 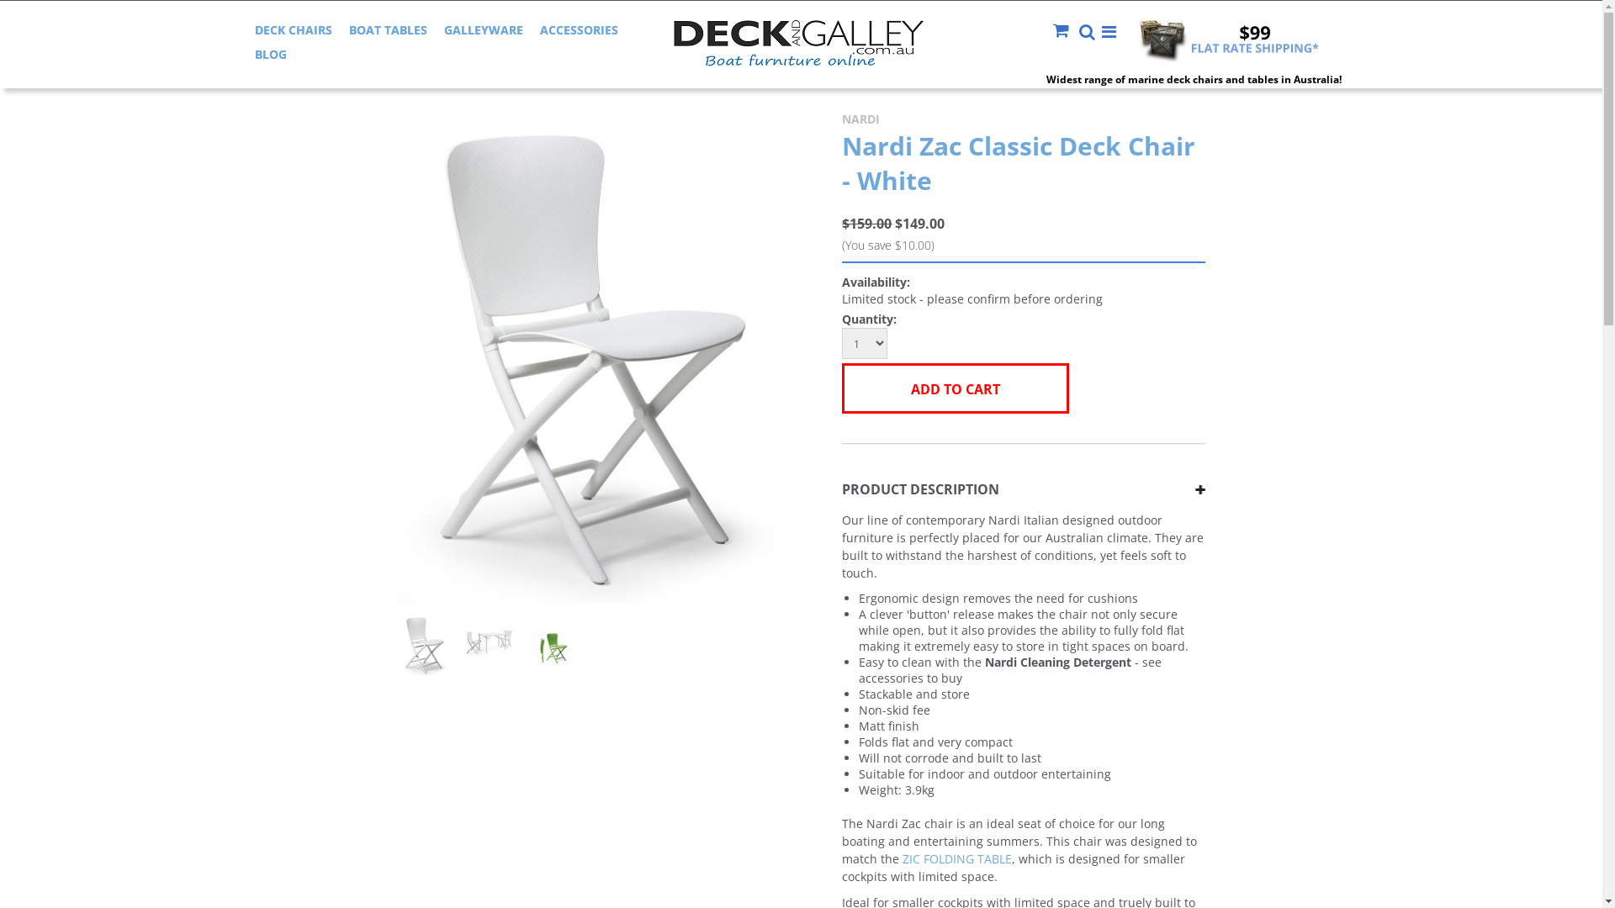 I want to click on 'NARDI', so click(x=842, y=118).